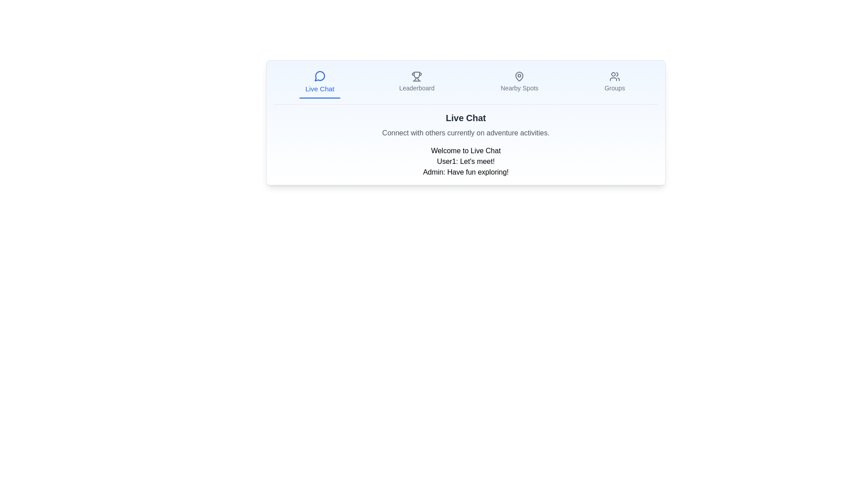  What do you see at coordinates (614, 76) in the screenshot?
I see `the 'Groups' icon located at the rightmost position in the navigation bar, which redirects the user to the groups section of the application` at bounding box center [614, 76].